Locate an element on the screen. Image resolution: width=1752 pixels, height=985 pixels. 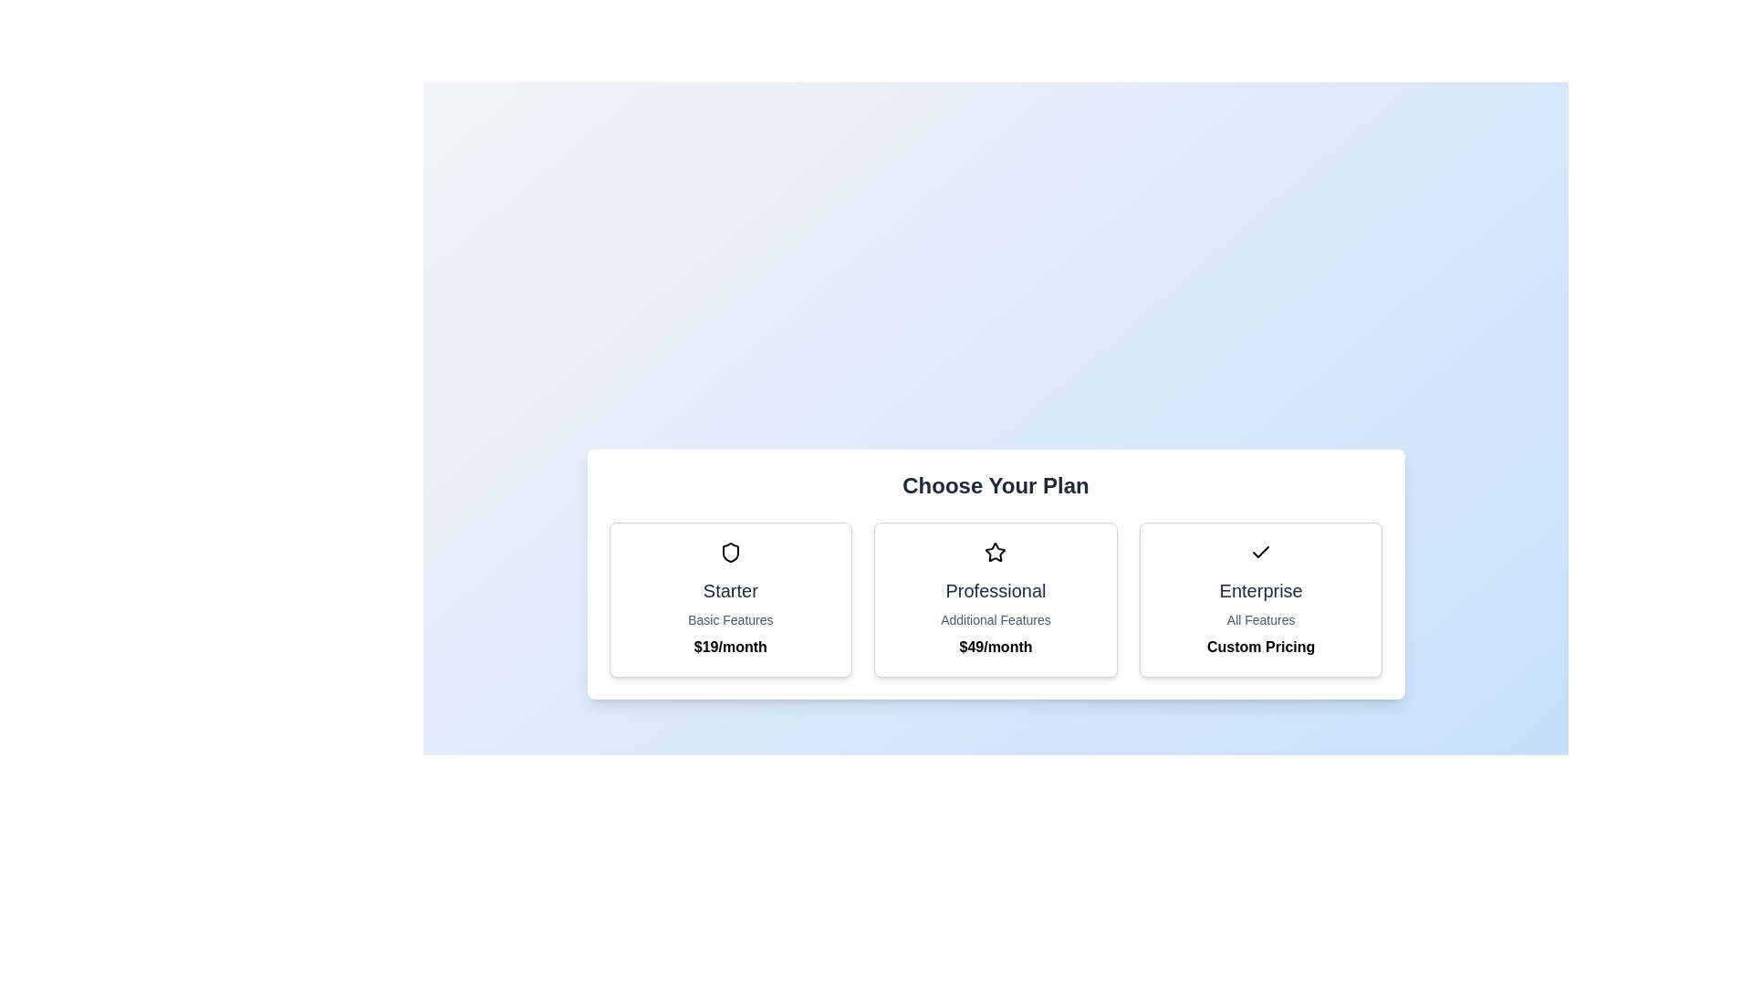
the Decorative Icon which is a shield-shaped icon located within the Starter plan card in the leftmost column of a three-column layout is located at coordinates (730, 551).